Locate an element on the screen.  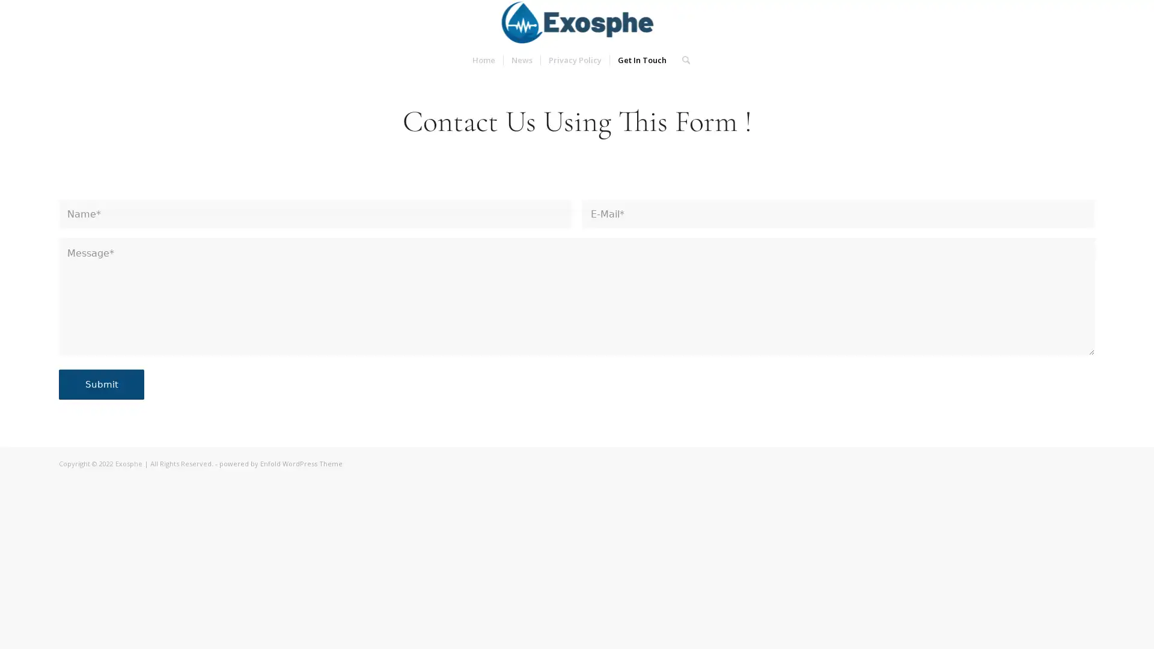
Submit is located at coordinates (101, 385).